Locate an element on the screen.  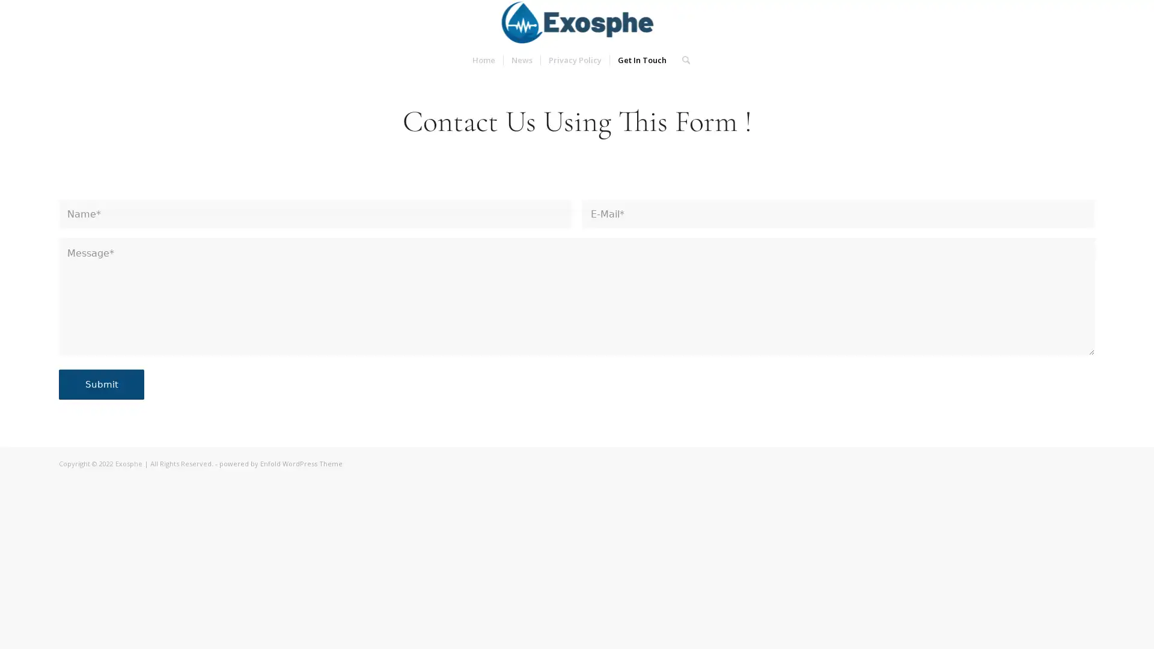
Submit is located at coordinates (101, 385).